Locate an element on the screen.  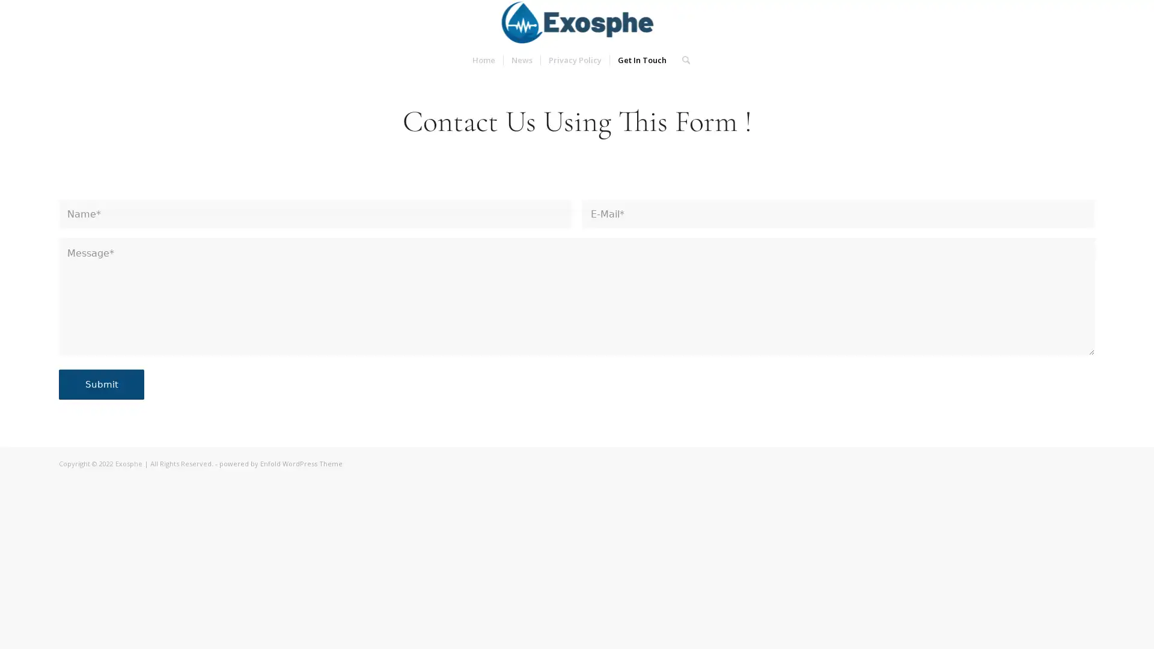
Submit is located at coordinates (101, 385).